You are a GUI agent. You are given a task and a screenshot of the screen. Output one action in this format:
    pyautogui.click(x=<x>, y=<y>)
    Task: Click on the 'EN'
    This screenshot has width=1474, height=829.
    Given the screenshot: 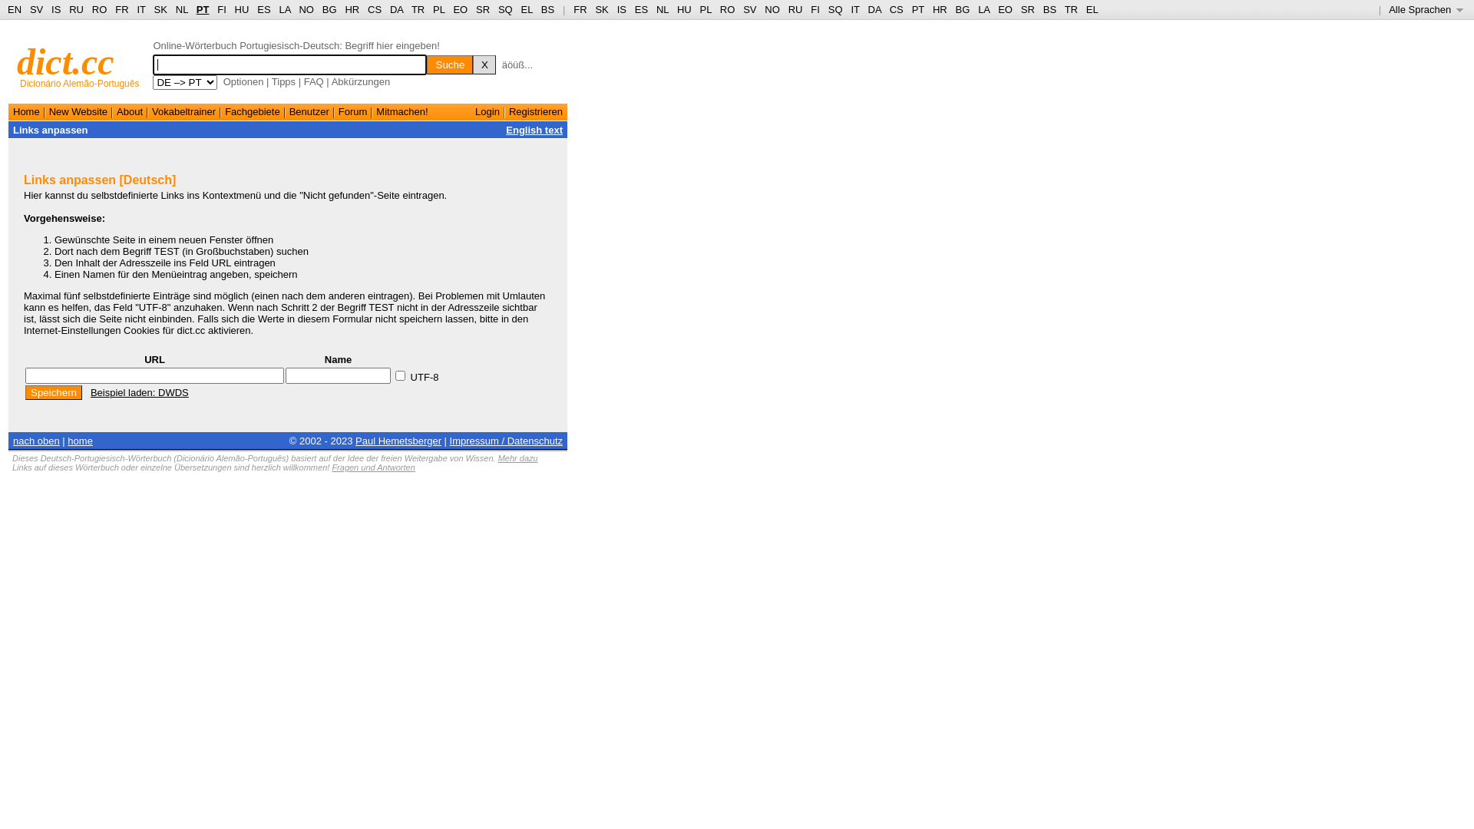 What is the action you would take?
    pyautogui.click(x=15, y=9)
    